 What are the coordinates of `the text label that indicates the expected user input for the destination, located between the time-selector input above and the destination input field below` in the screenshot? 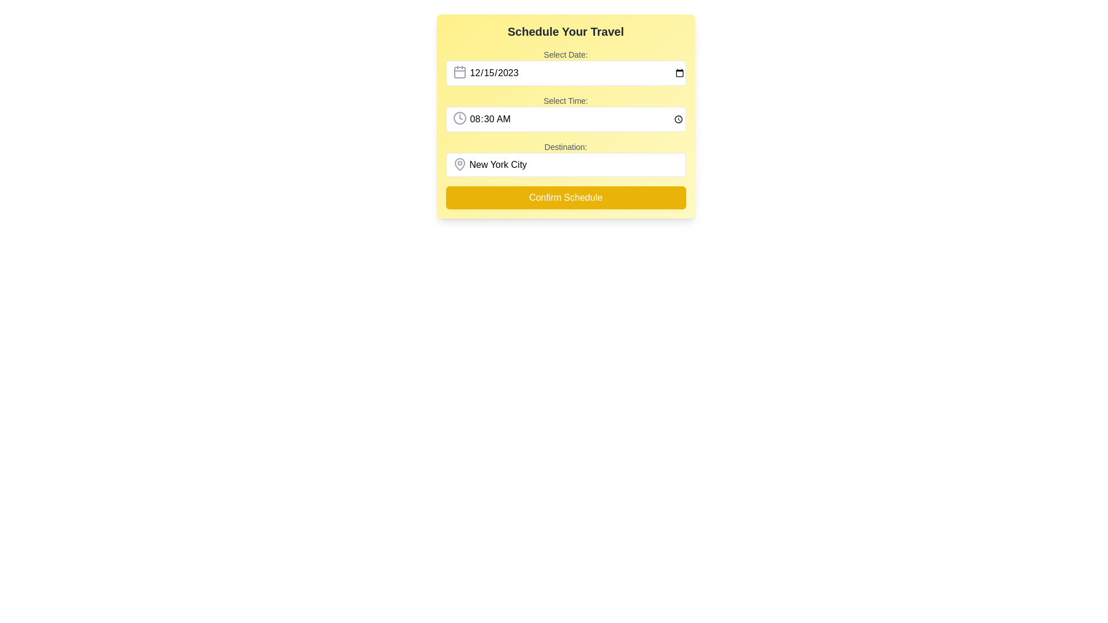 It's located at (566, 146).